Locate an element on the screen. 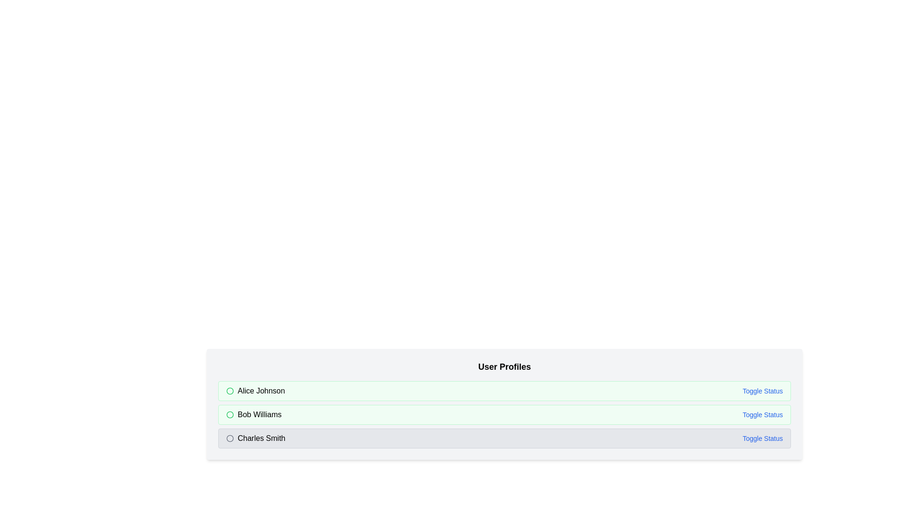  the 'Toggle Status' hyperlink element, which is styled in blue and underlined on hover, located to the right of 'Alice Johnson' is located at coordinates (762, 391).